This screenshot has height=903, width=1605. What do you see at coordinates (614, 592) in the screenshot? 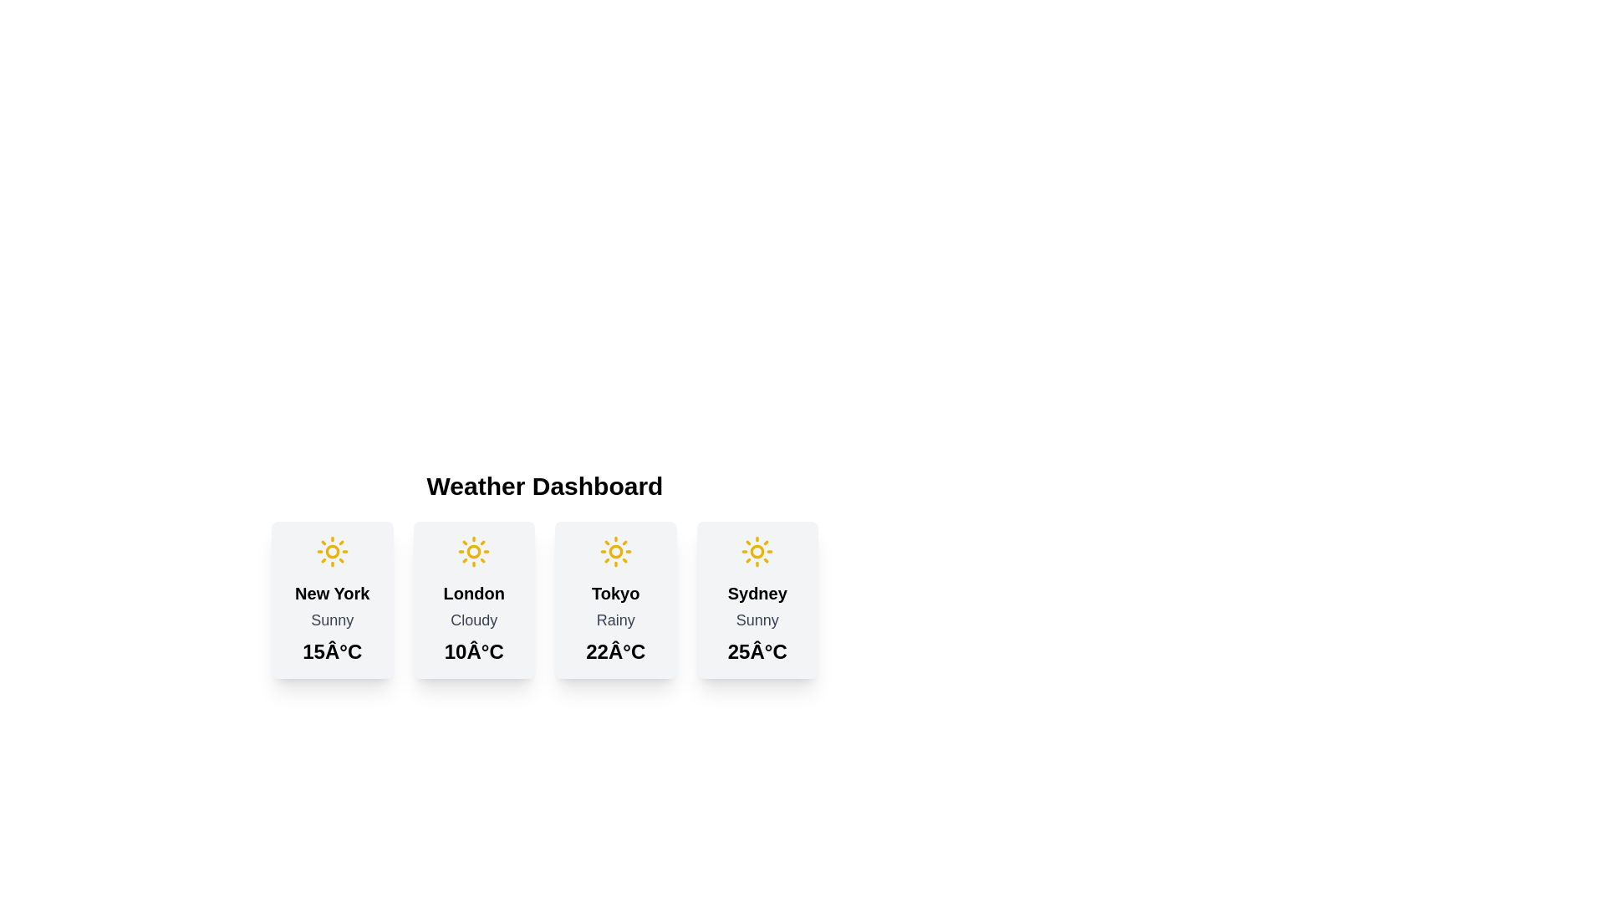
I see `text label displaying 'Tokyo' which is styled in bold and large font, located at the top-center of the third weather dashboard card, below a yellow weather icon and above the description 'Rainy'` at bounding box center [614, 592].